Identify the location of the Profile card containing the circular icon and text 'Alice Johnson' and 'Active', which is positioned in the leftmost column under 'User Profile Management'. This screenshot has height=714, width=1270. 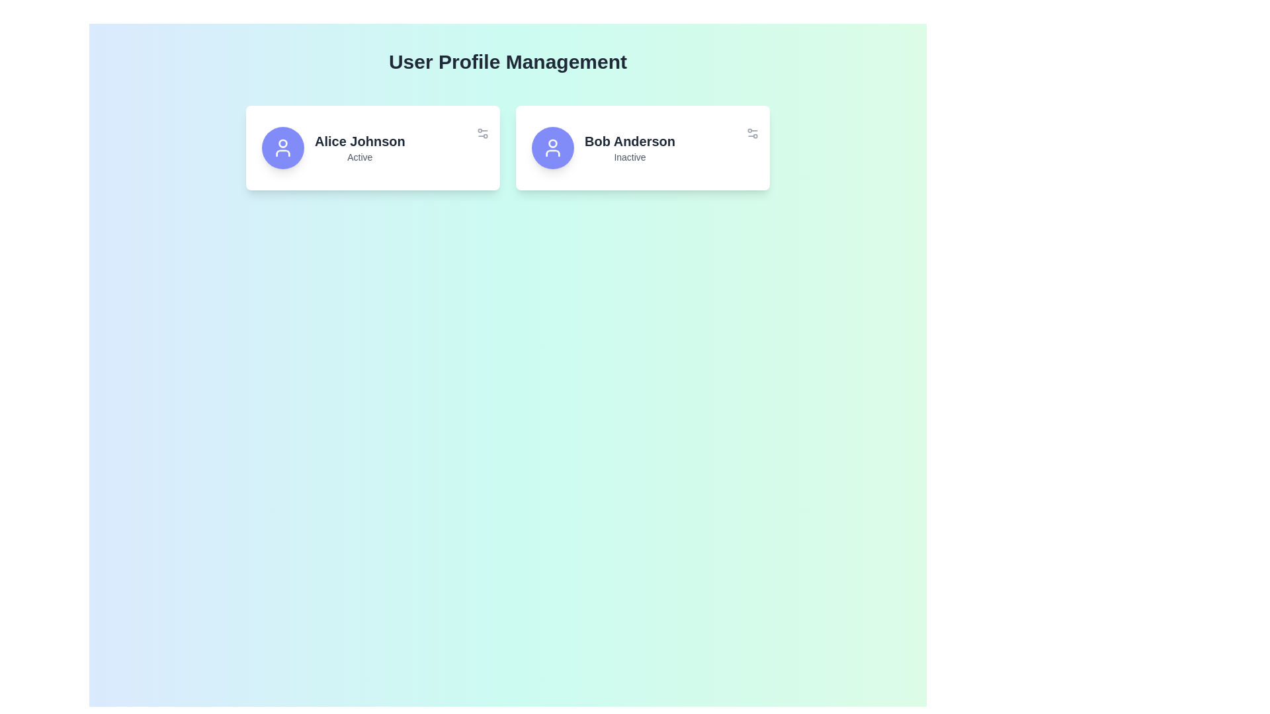
(372, 147).